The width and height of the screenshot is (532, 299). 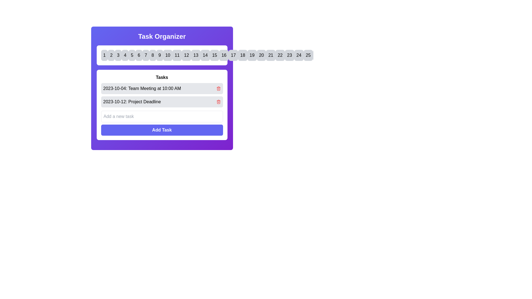 What do you see at coordinates (125, 55) in the screenshot?
I see `the button displaying the number '4', which is the fourth button in a horizontal sequence of numbered buttons with a light gray background and black text` at bounding box center [125, 55].